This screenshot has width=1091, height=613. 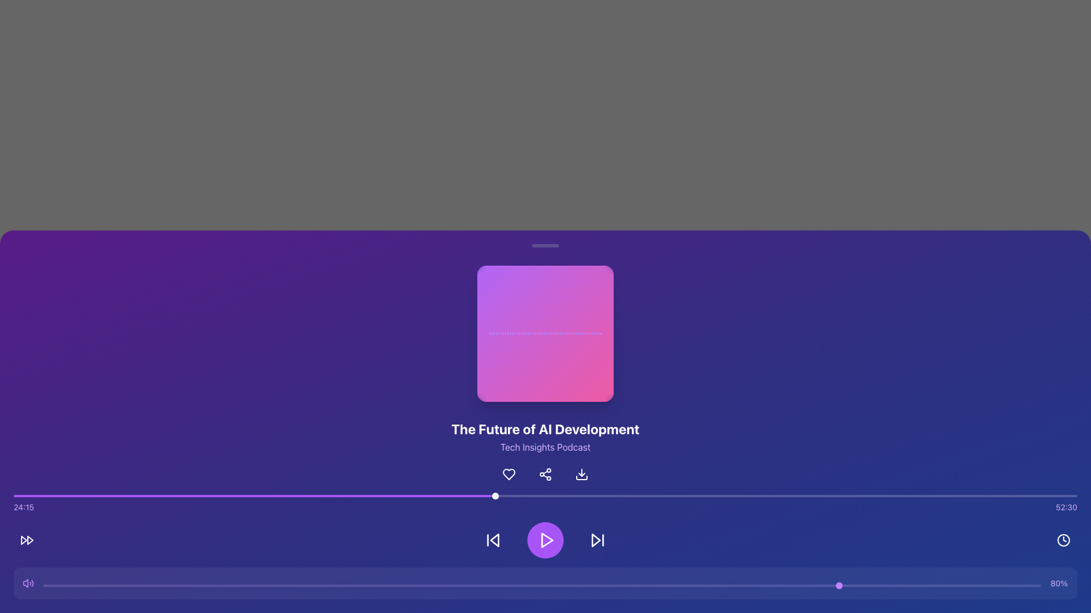 I want to click on progress, so click(x=368, y=496).